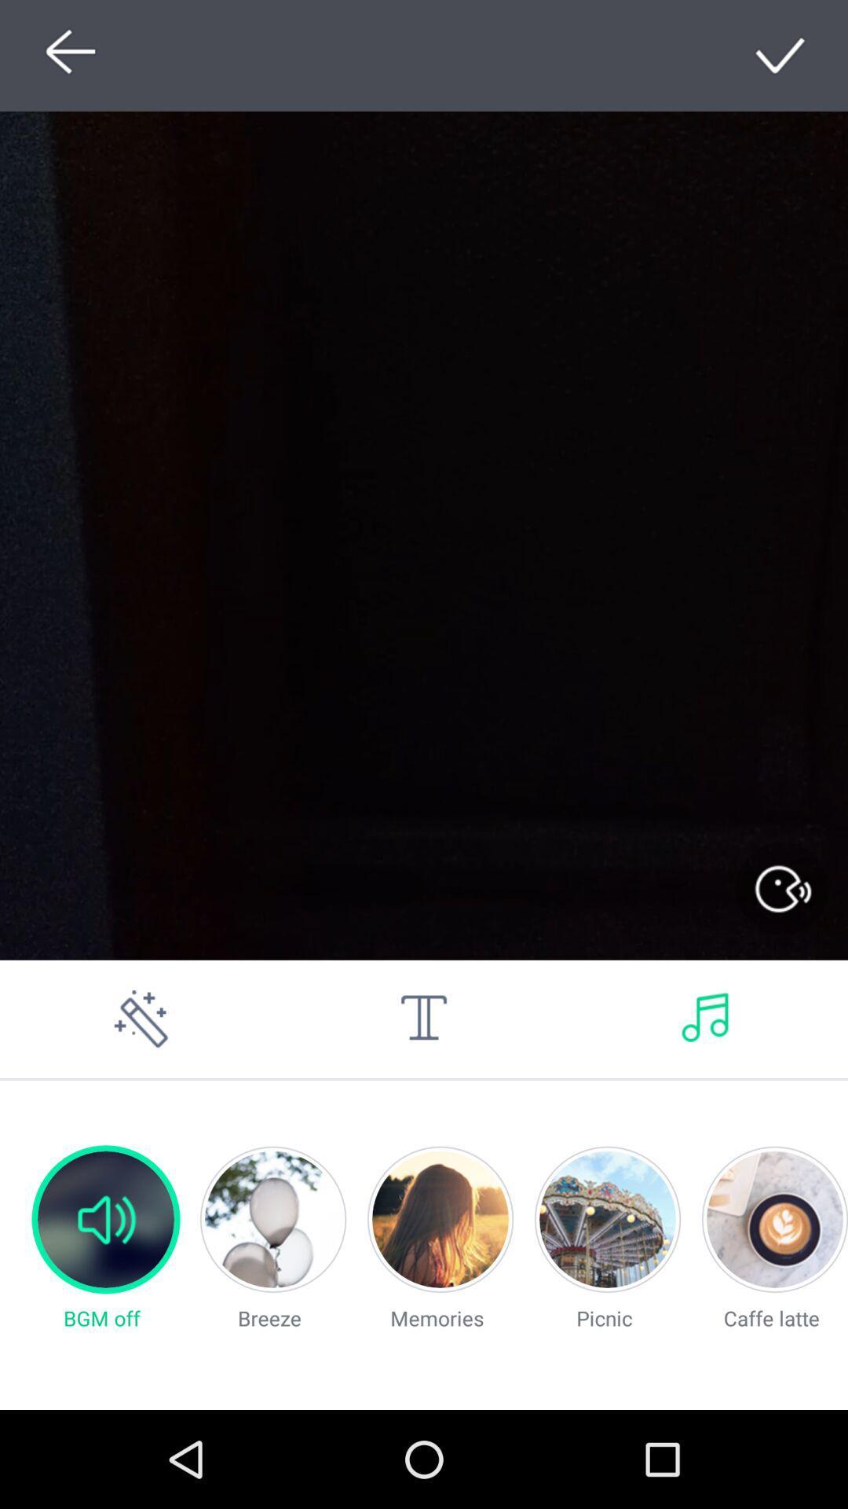 The height and width of the screenshot is (1509, 848). I want to click on music image, so click(705, 1019).